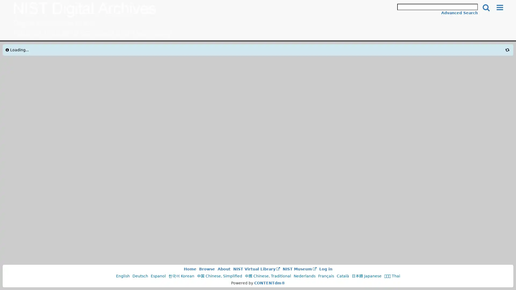 This screenshot has width=516, height=290. Describe the element at coordinates (95, 129) in the screenshot. I see `Update` at that location.